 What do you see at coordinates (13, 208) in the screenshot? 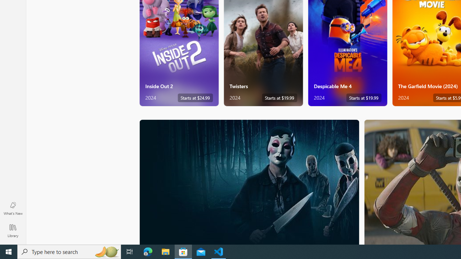
I see `'What'` at bounding box center [13, 208].